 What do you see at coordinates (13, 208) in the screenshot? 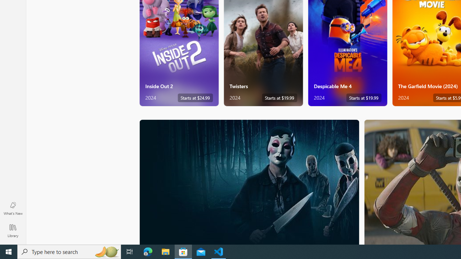
I see `'What'` at bounding box center [13, 208].